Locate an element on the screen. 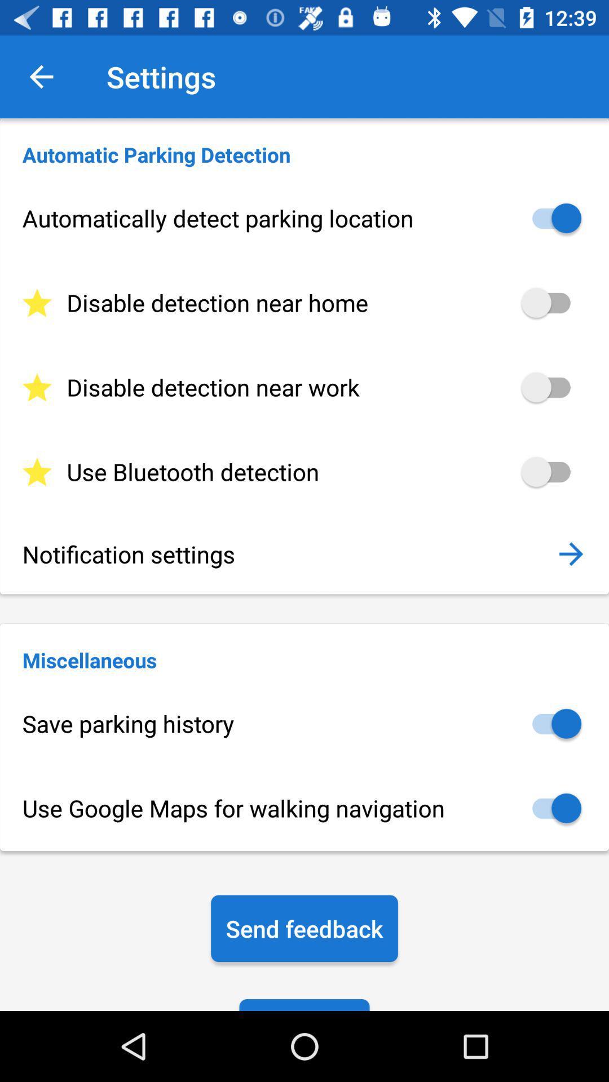  the icon to the left of the settings item is located at coordinates (41, 76).